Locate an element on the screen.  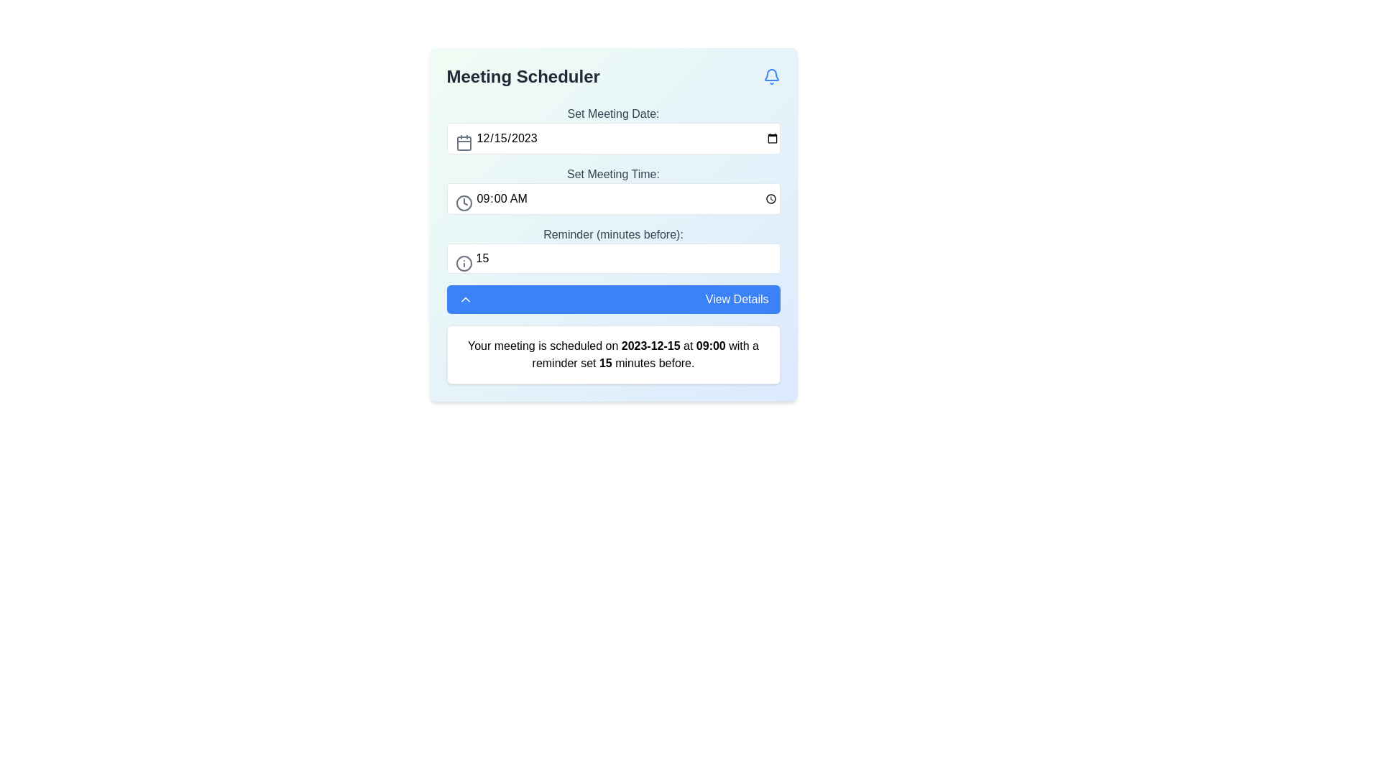
the circular graphical element that is part of the clock icon, located to the left of the '09:00 AM' time input field under the 'Set Meeting Time' heading is located at coordinates (464, 203).